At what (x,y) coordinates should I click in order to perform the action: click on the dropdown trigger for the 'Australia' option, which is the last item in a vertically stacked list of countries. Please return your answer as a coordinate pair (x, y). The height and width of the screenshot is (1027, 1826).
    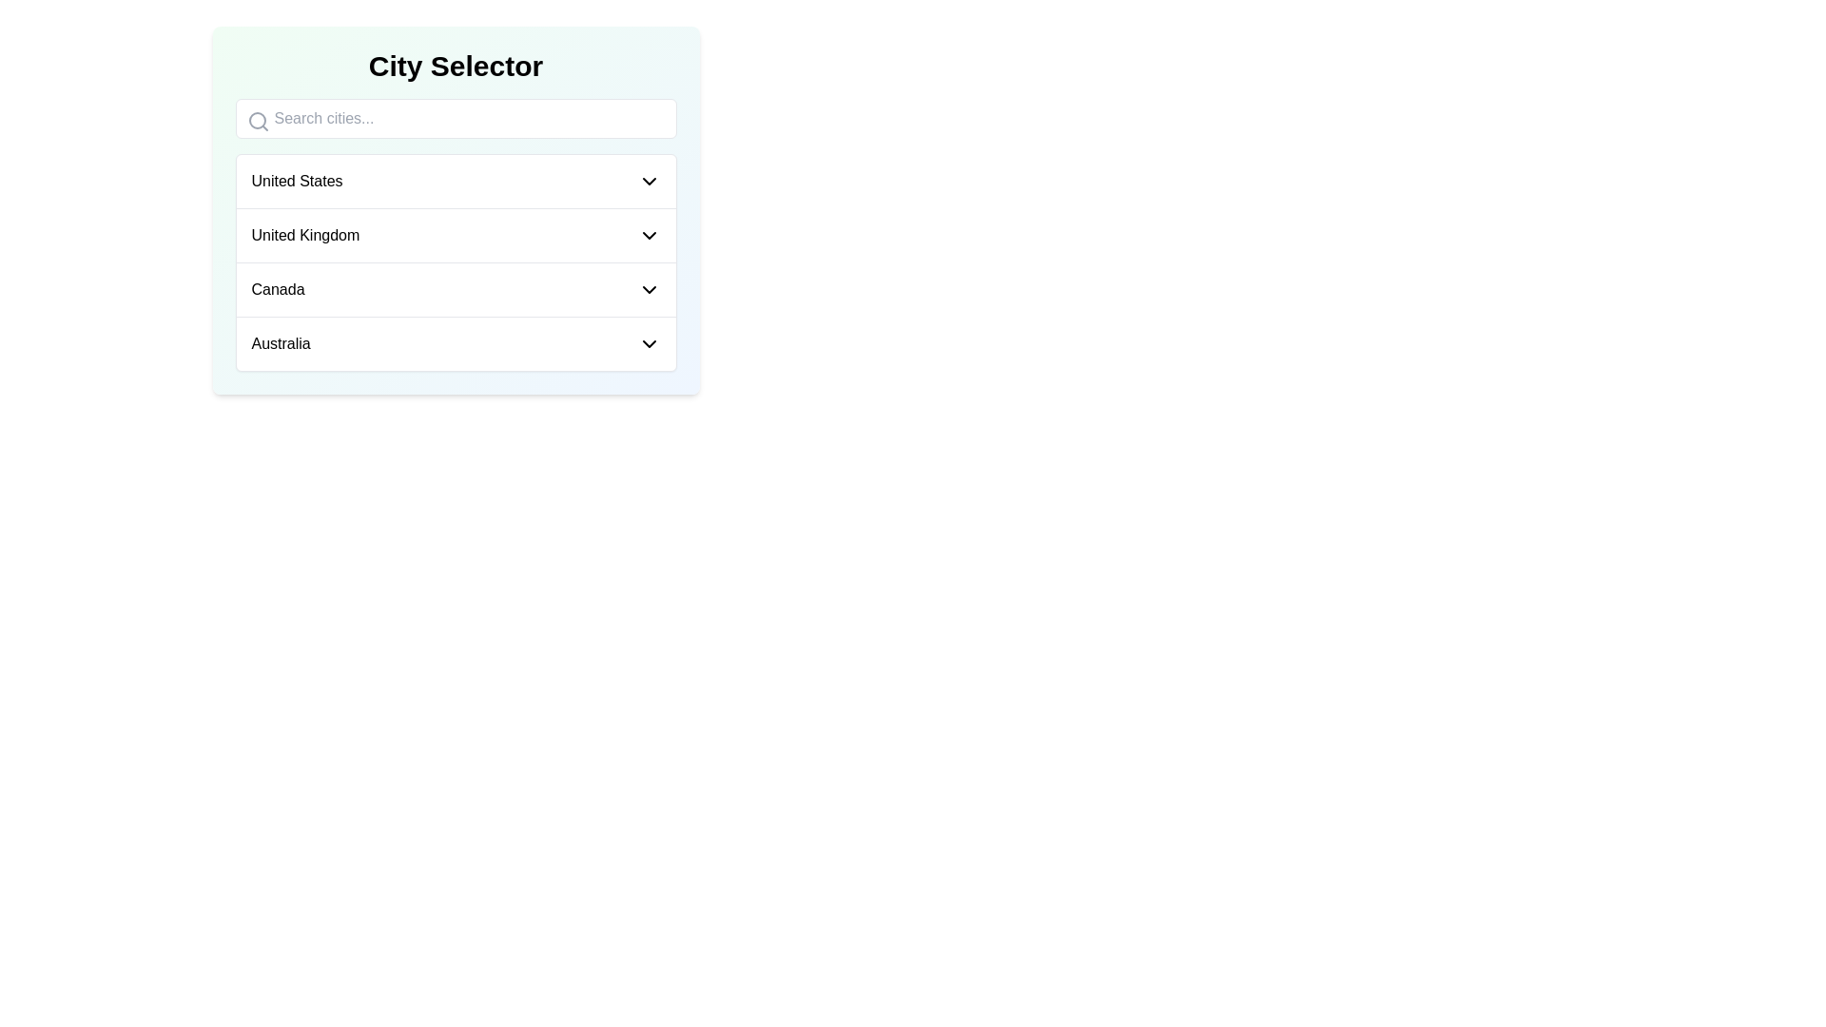
    Looking at the image, I should click on (455, 344).